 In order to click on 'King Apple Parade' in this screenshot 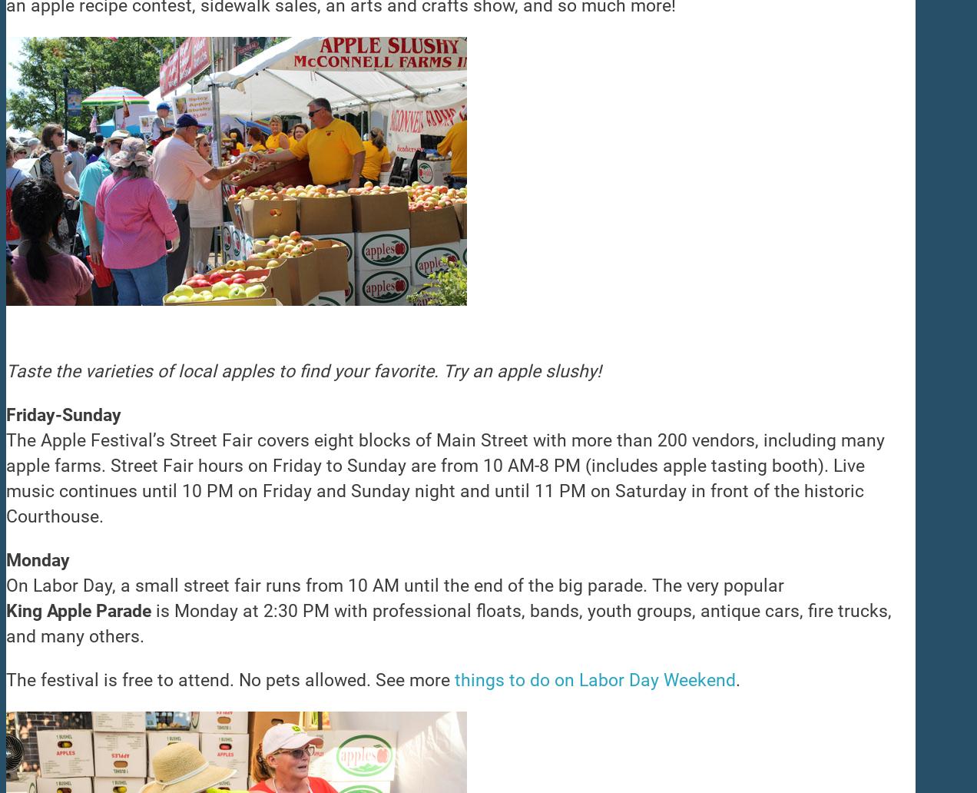, I will do `click(78, 611)`.